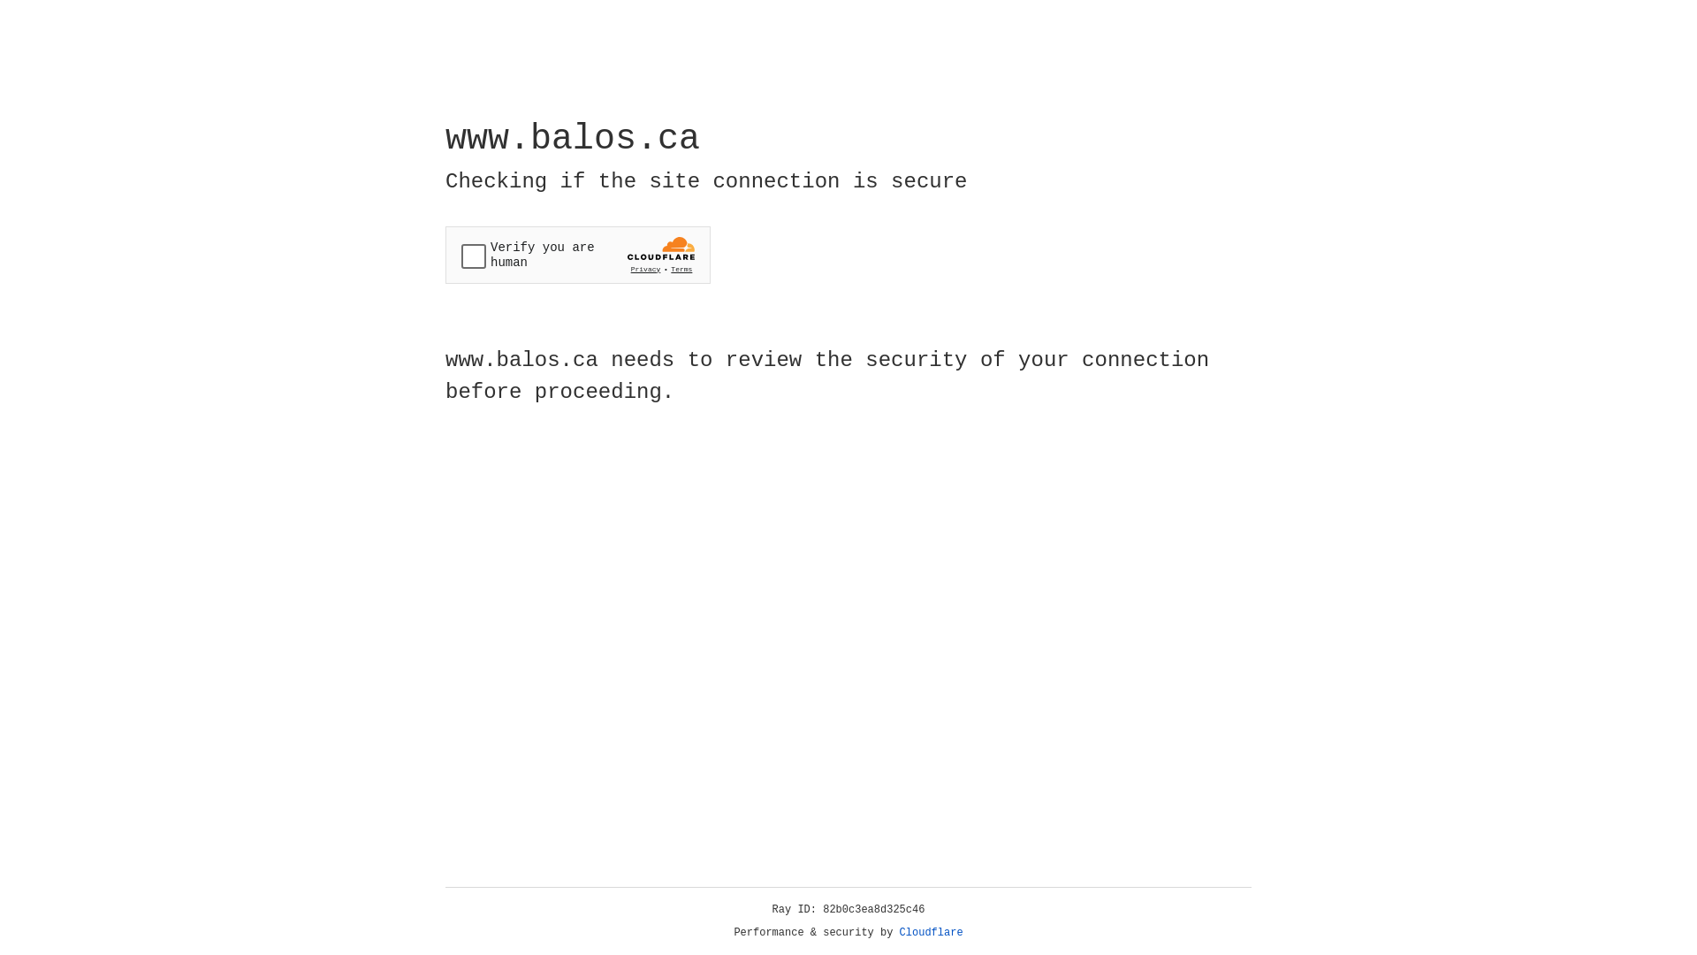 Image resolution: width=1697 pixels, height=955 pixels. Describe the element at coordinates (577, 255) in the screenshot. I see `'Widget containing a Cloudflare security challenge'` at that location.